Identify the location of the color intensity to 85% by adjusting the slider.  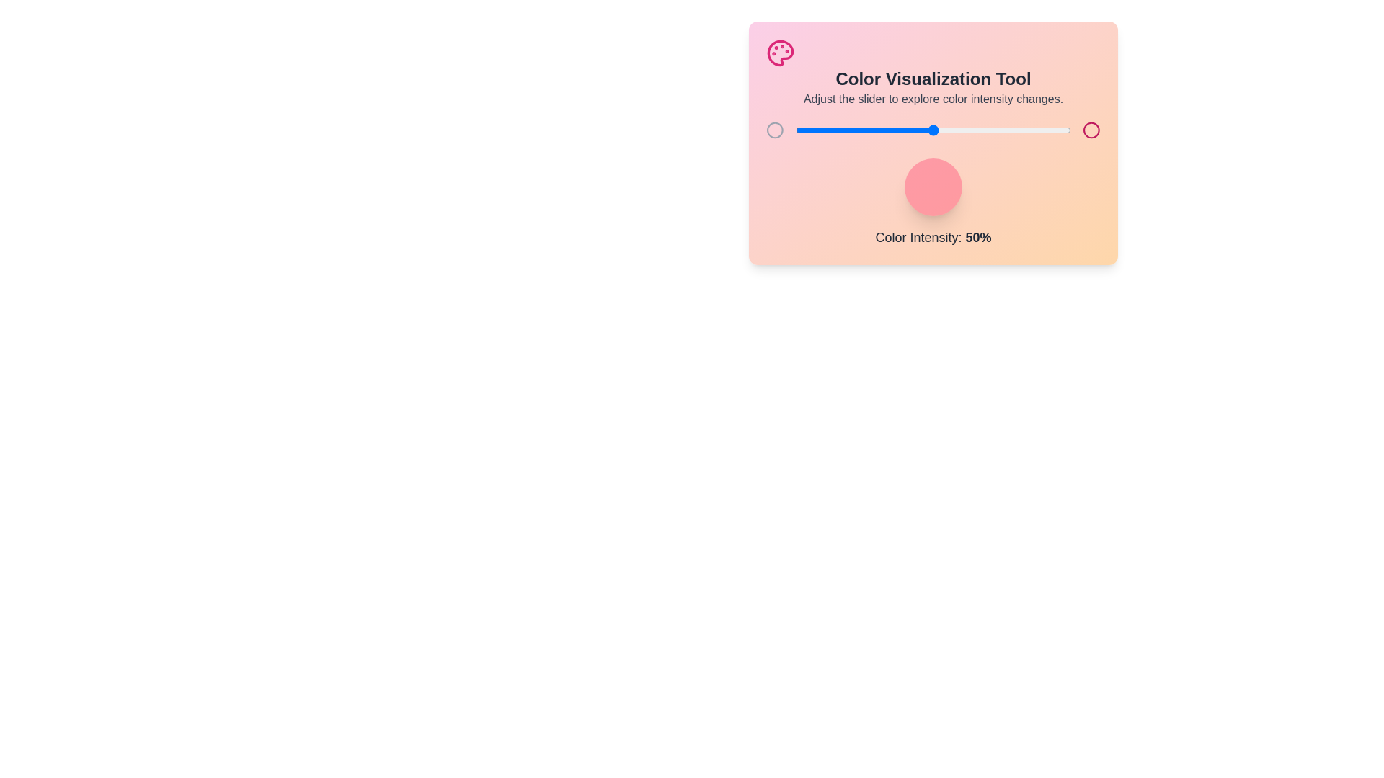
(1029, 130).